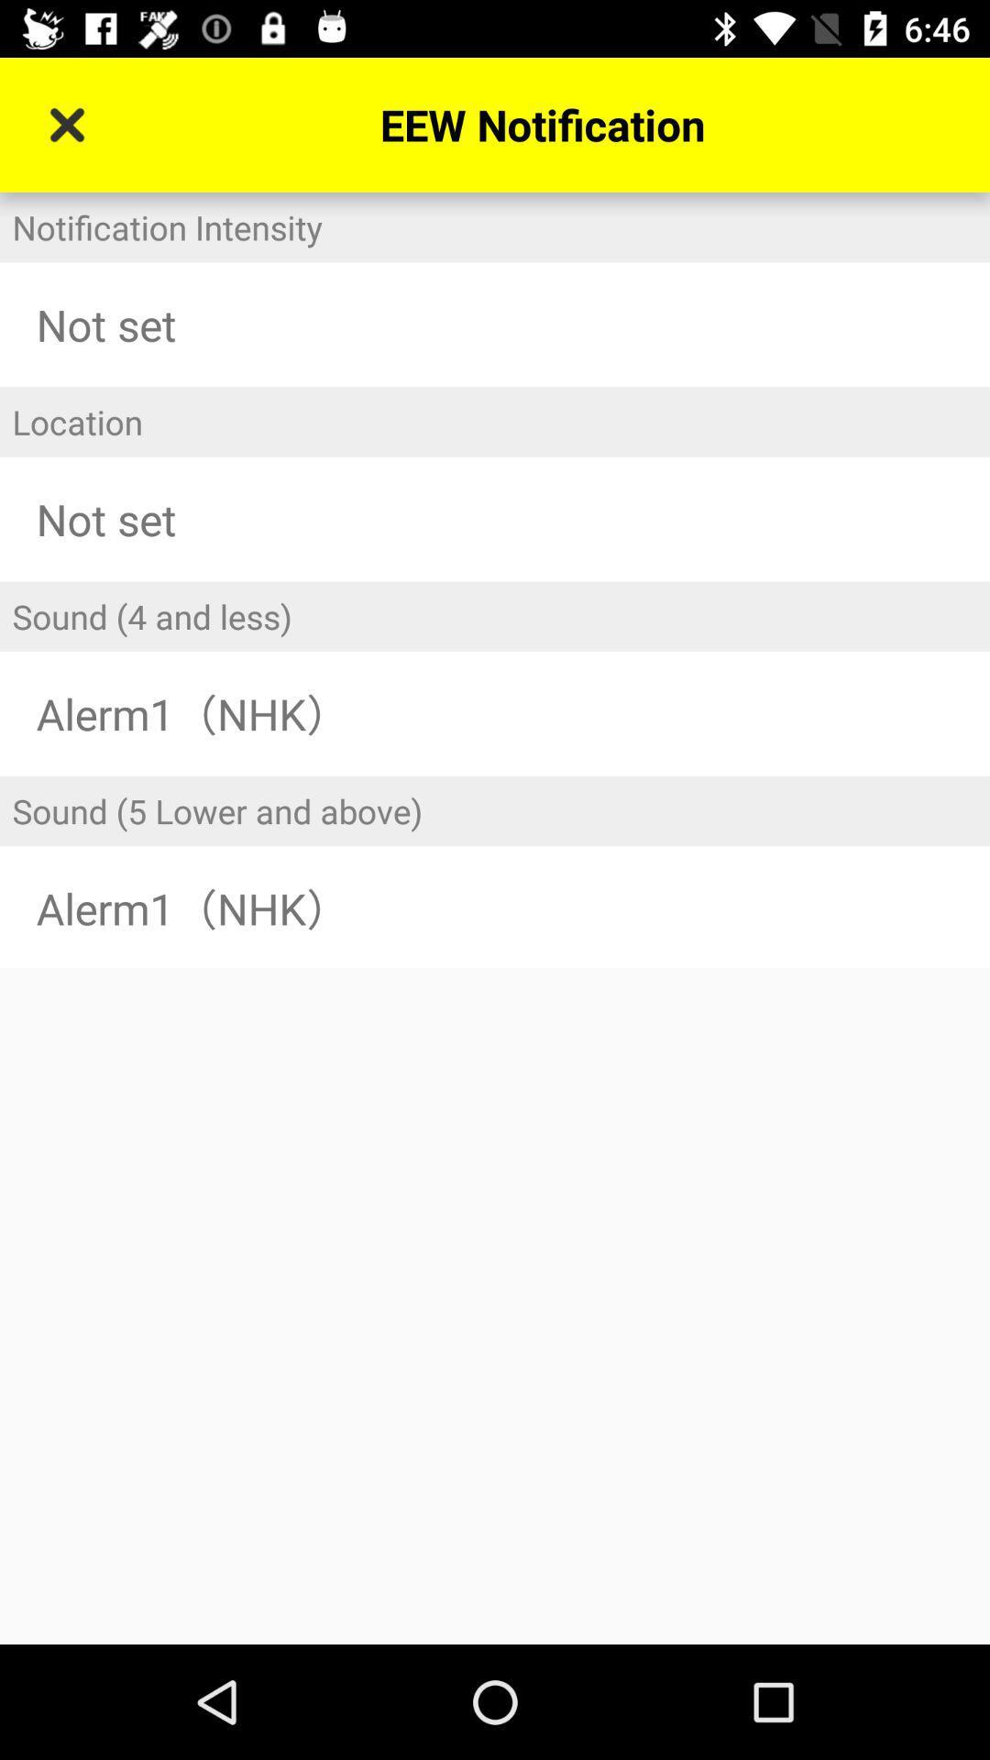 The image size is (990, 1760). Describe the element at coordinates (66, 124) in the screenshot. I see `icon above notification intensity icon` at that location.